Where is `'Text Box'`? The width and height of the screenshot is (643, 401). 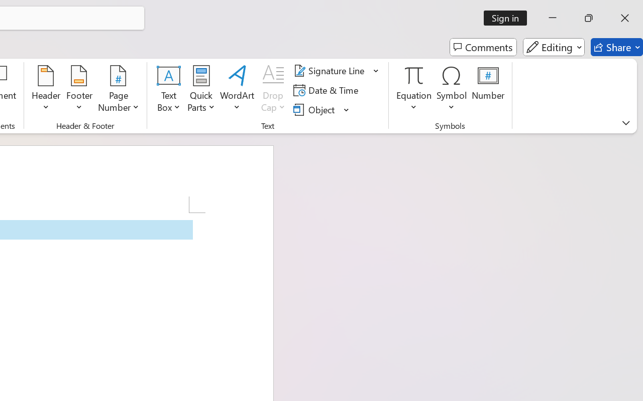 'Text Box' is located at coordinates (169, 90).